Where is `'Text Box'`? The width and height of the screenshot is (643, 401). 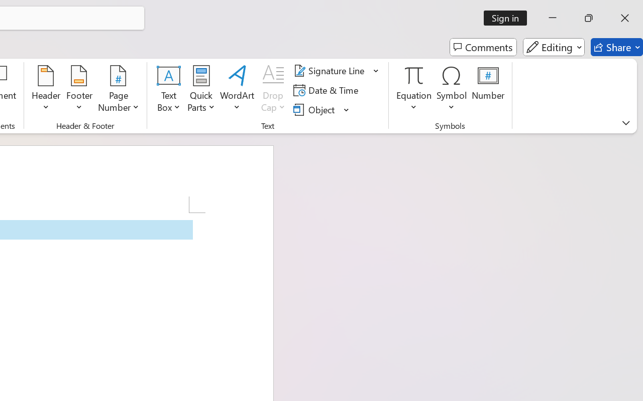 'Text Box' is located at coordinates (169, 90).